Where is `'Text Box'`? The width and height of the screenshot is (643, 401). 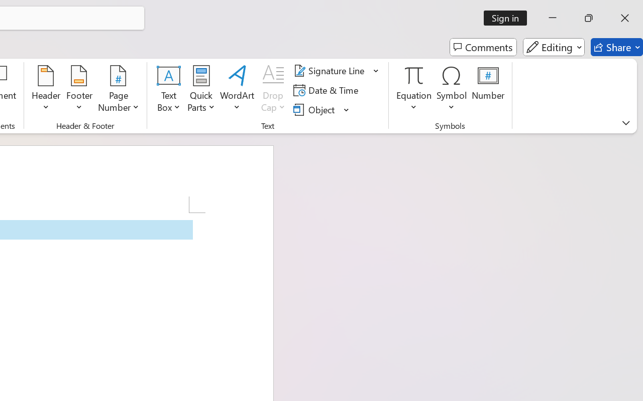 'Text Box' is located at coordinates (169, 90).